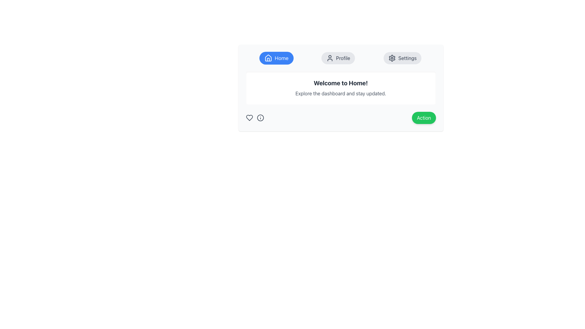  I want to click on the circular icon containing an 'i' symbol, which is dark gray and positioned between a heart-shaped icon and a green button labeled 'Action', so click(260, 118).